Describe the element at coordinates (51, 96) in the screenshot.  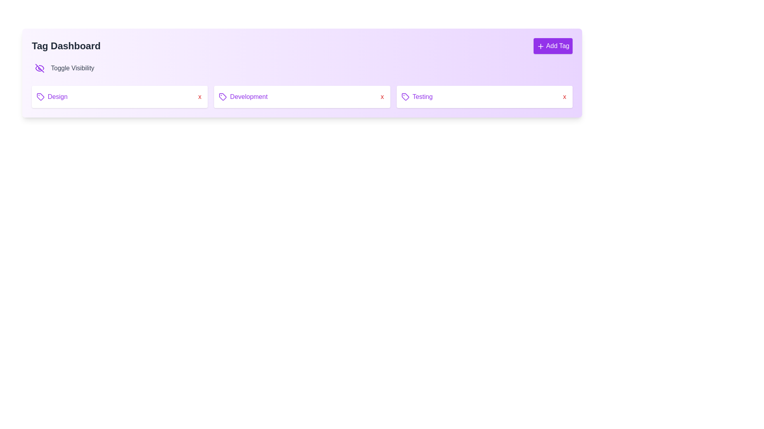
I see `the 'Design' Text Label with Icon` at that location.